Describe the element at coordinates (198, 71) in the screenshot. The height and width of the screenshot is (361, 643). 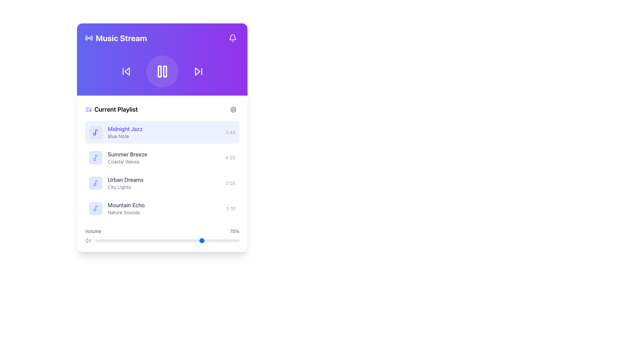
I see `the circular button with a purple background and white forward arrow icon, located at the rightmost position in the horizontal group of three buttons for additional options` at that location.